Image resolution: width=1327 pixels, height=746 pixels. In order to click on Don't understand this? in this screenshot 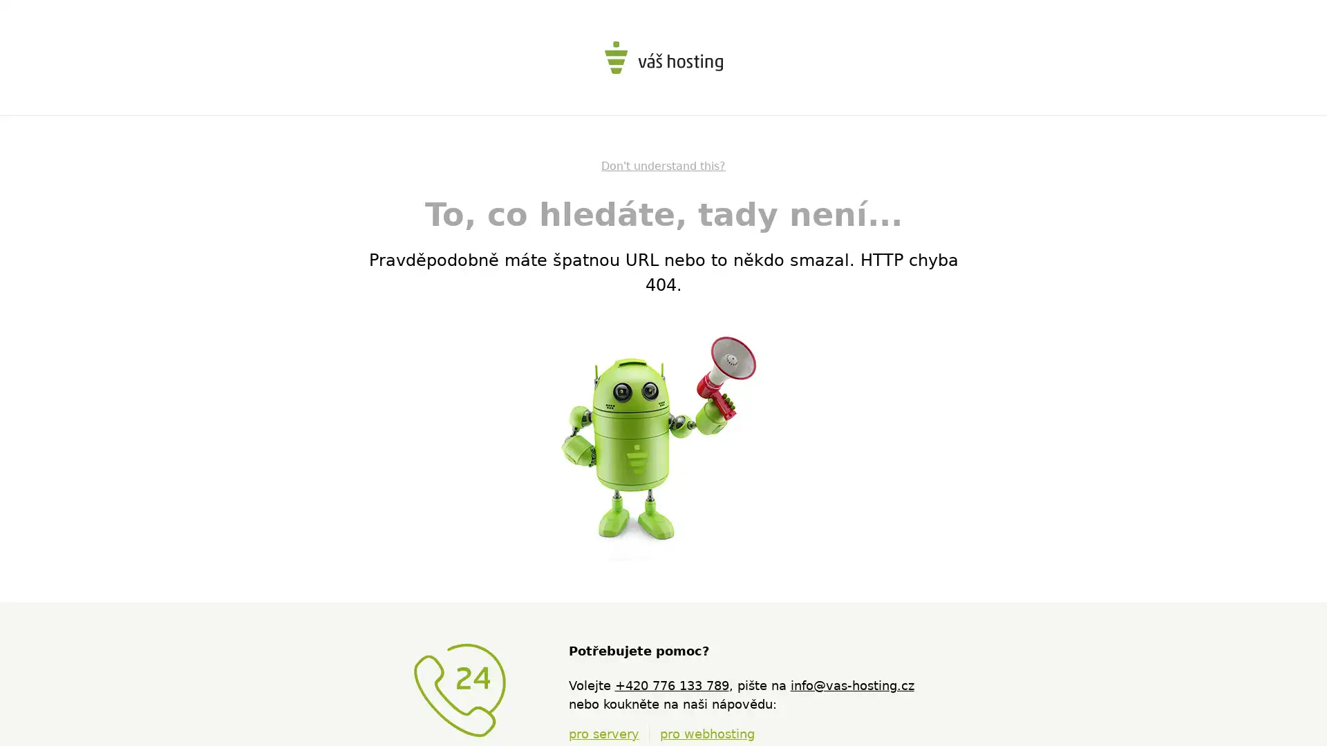, I will do `click(663, 165)`.